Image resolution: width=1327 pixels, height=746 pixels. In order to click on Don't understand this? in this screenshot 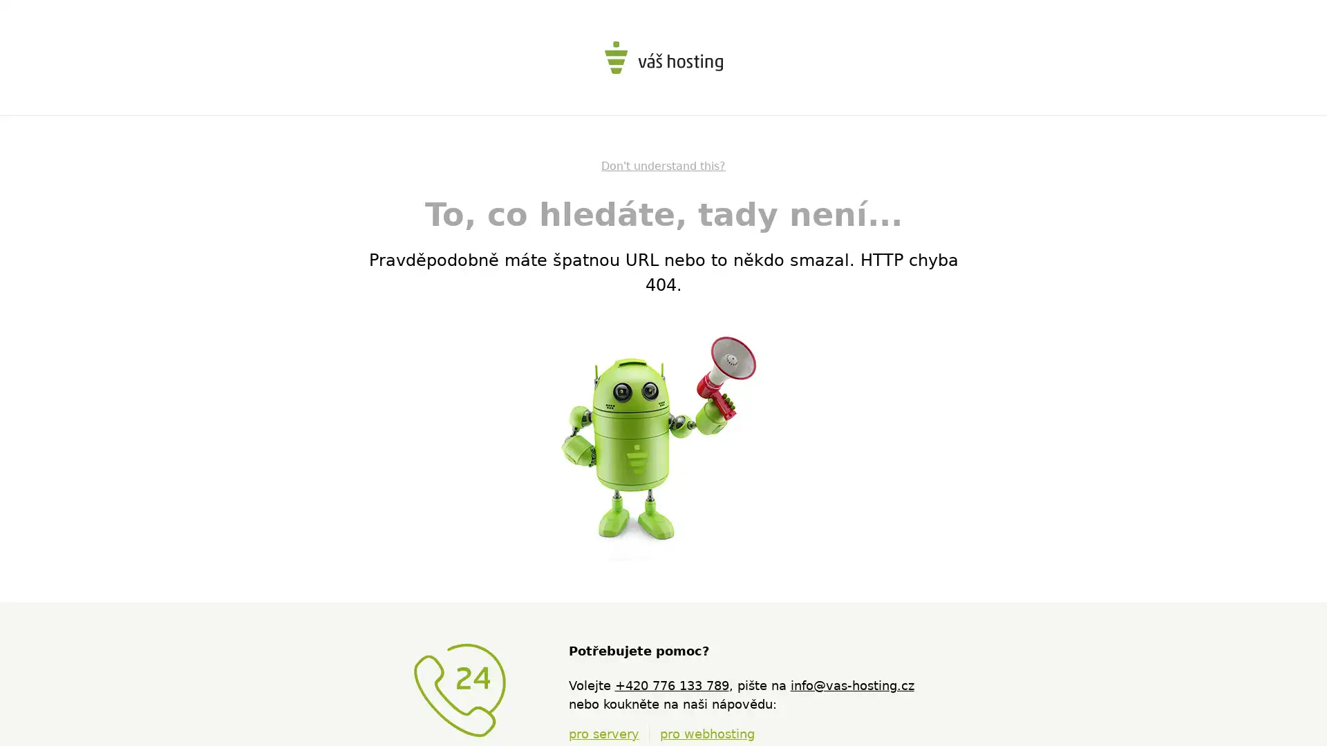, I will do `click(663, 165)`.